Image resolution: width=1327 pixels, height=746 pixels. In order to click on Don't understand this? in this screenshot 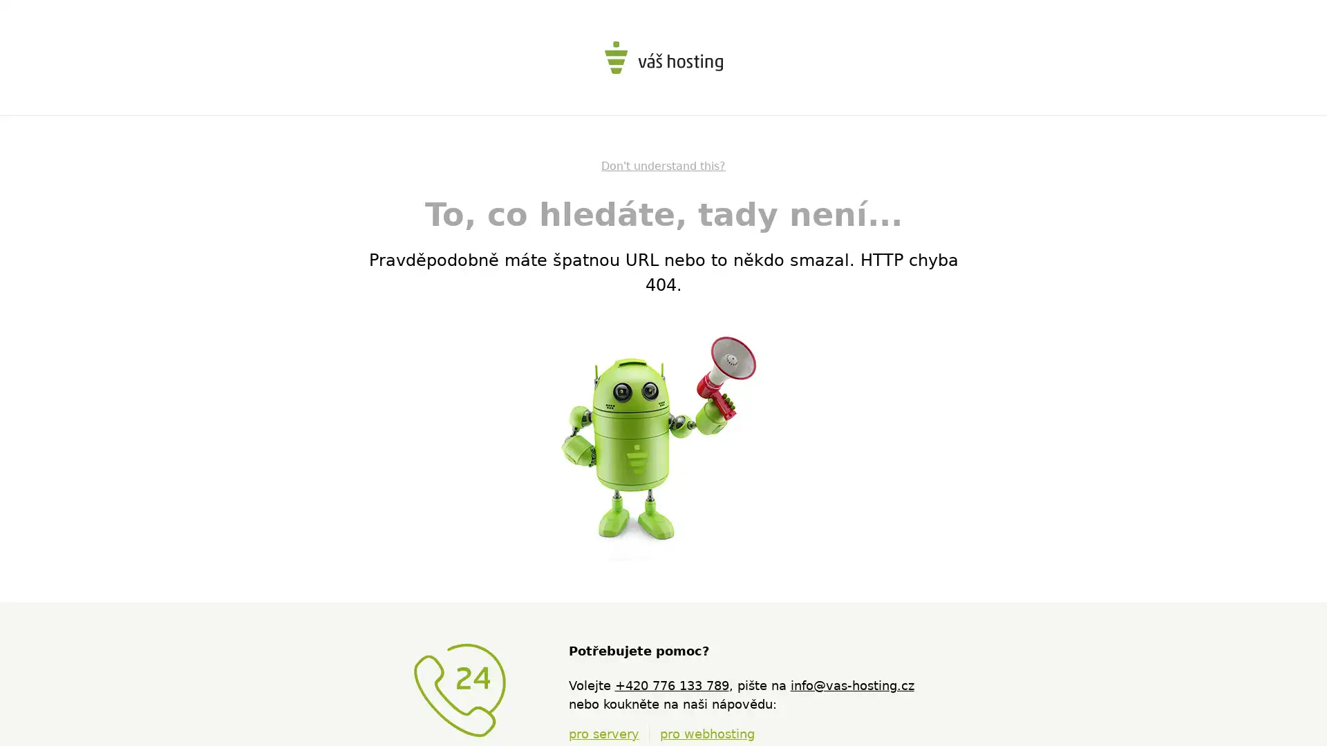, I will do `click(663, 165)`.